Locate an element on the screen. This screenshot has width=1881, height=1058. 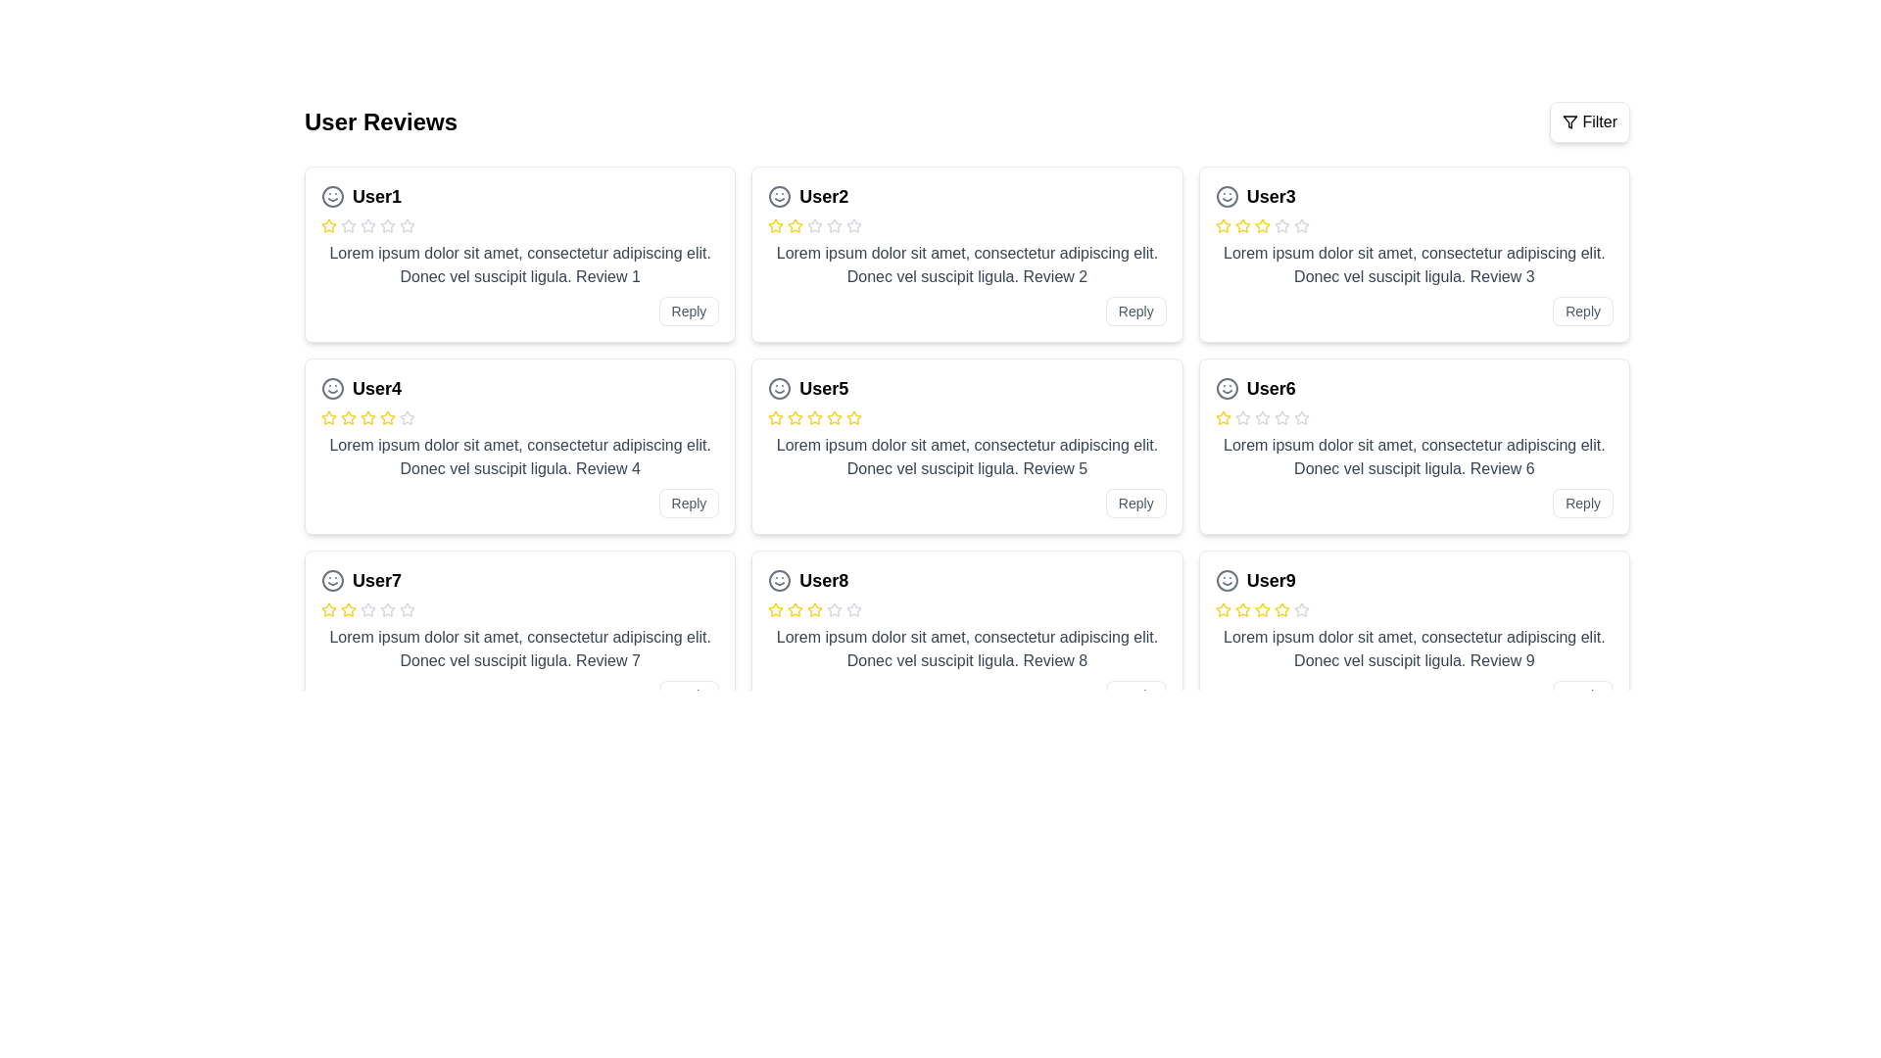
the text element displaying 'User2', which is styled in bold and slightly larger font, located at the top of the user review card to the right of a smiley icon is located at coordinates (824, 196).